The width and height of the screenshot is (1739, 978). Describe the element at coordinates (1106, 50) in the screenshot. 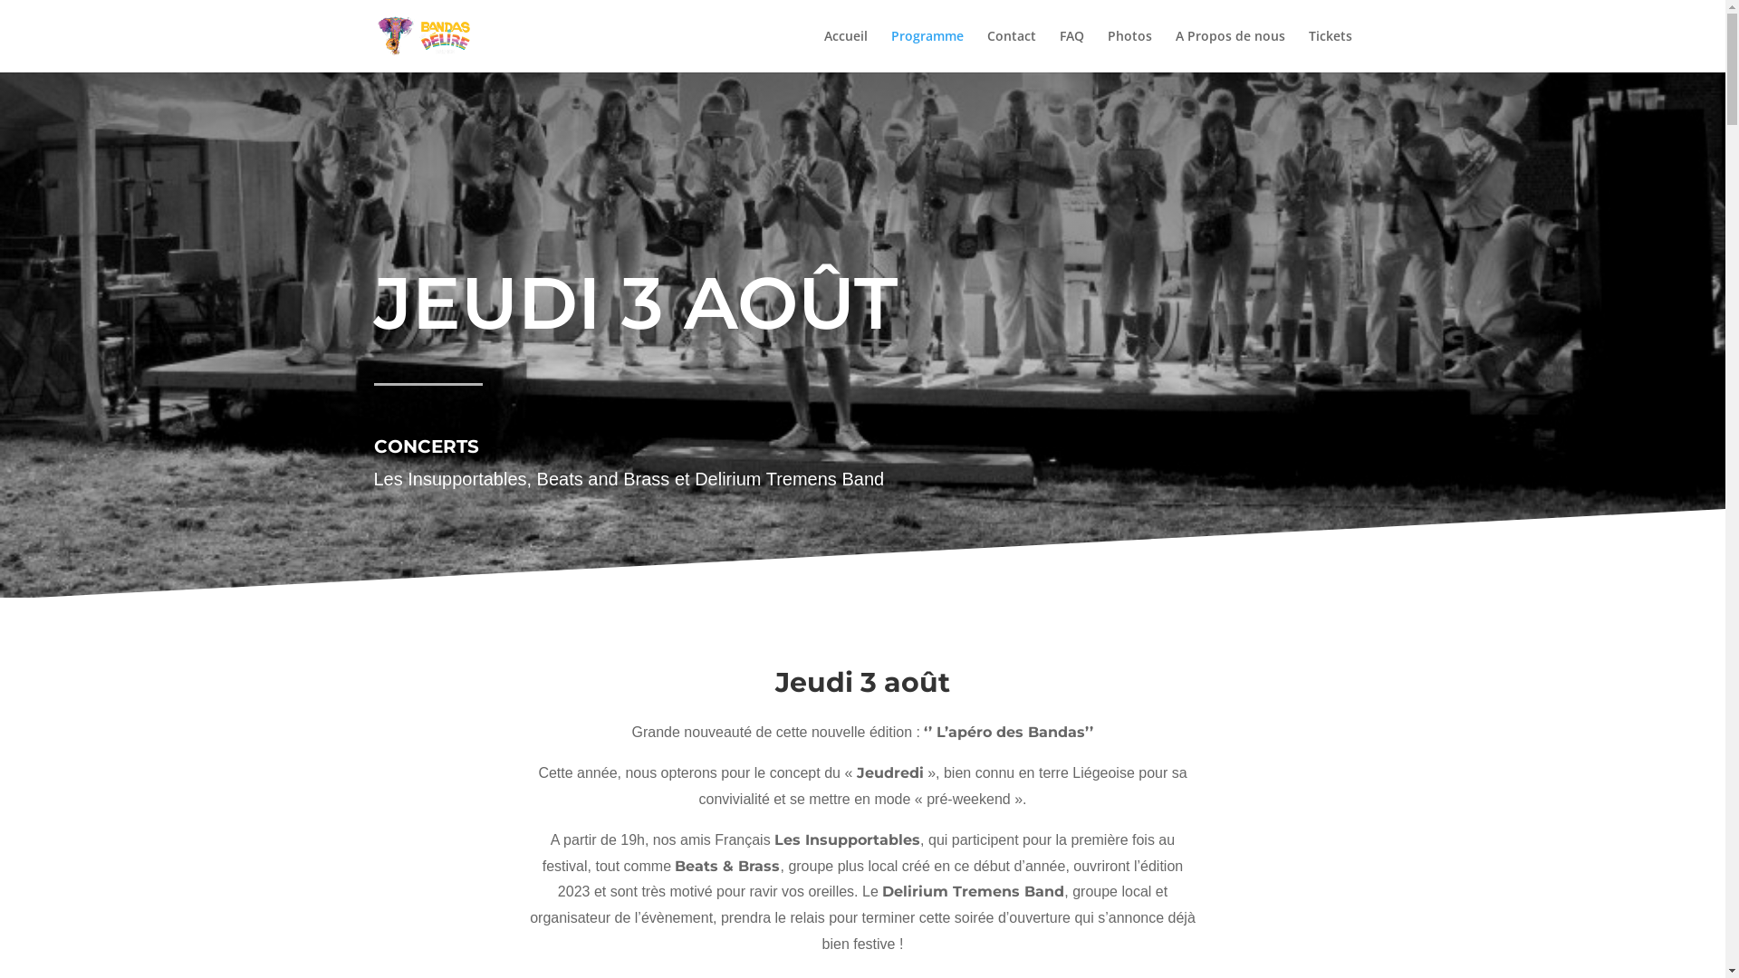

I see `'Photos'` at that location.